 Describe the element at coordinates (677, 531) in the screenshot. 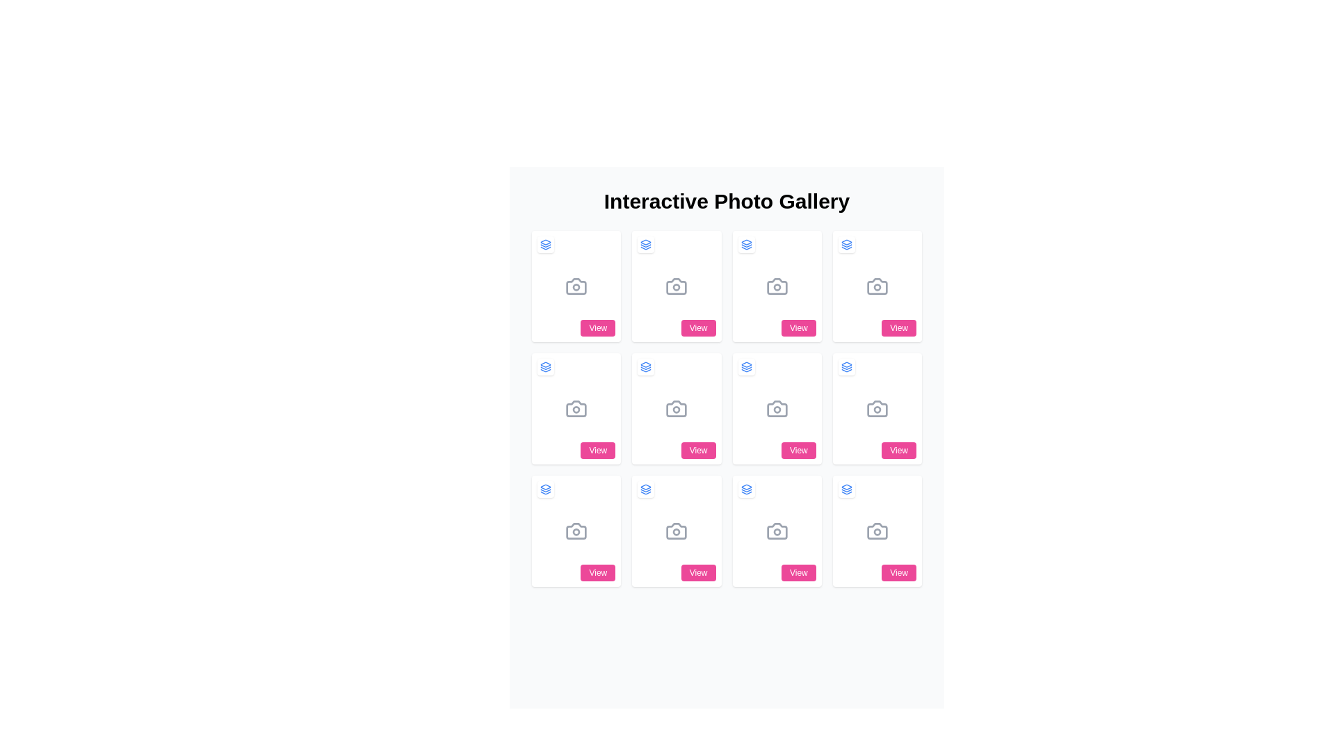

I see `the camera icon with a rounded rectangle shape, located in the second column and third row of the photo gallery interface` at that location.